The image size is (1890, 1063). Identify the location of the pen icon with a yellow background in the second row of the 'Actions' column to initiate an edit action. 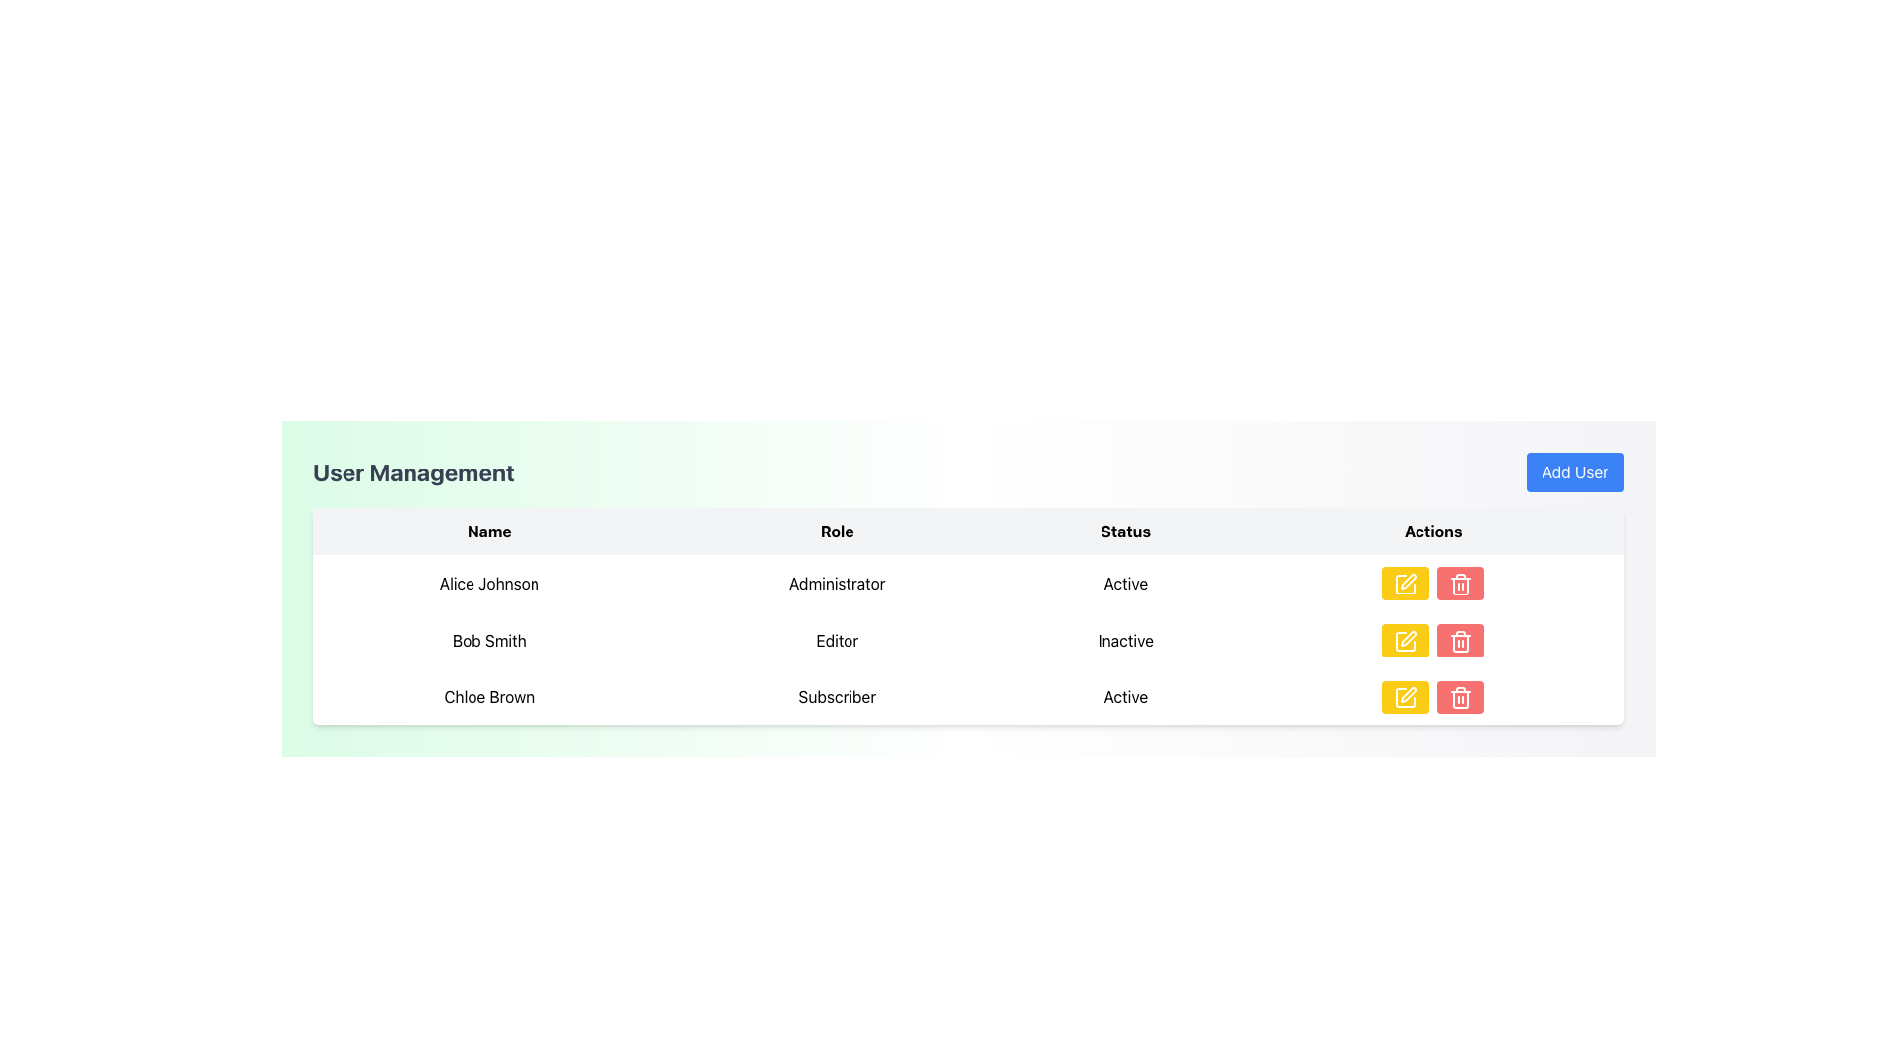
(1408, 638).